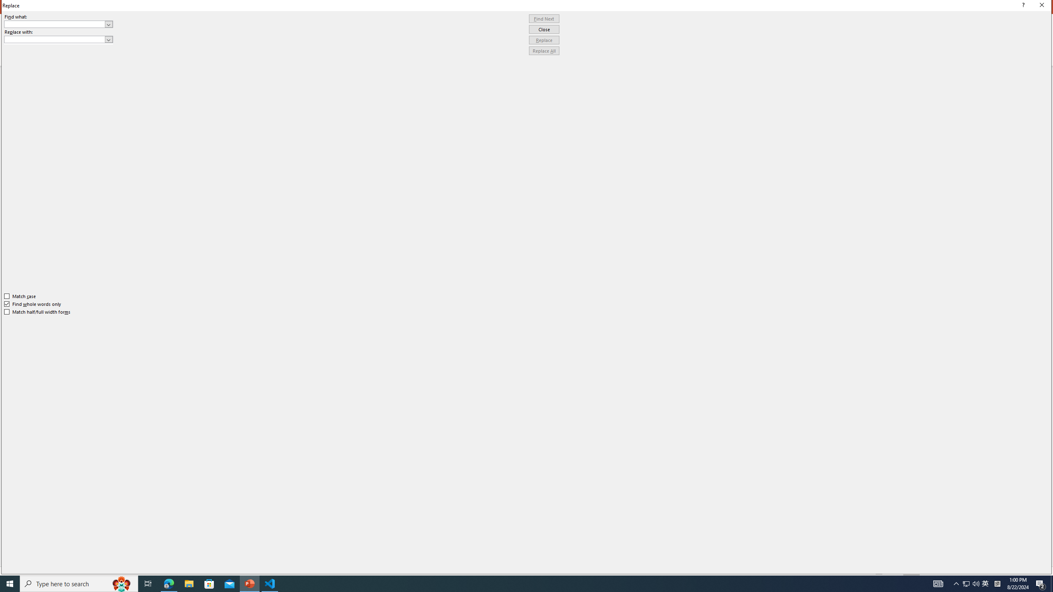  I want to click on 'Replace with', so click(55, 39).